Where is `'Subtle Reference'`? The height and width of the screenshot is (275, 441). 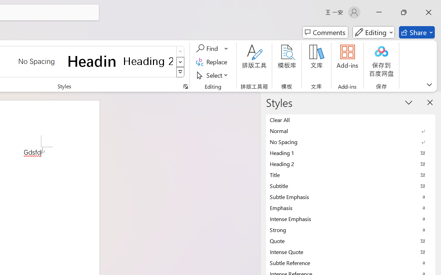 'Subtle Reference' is located at coordinates (350, 263).